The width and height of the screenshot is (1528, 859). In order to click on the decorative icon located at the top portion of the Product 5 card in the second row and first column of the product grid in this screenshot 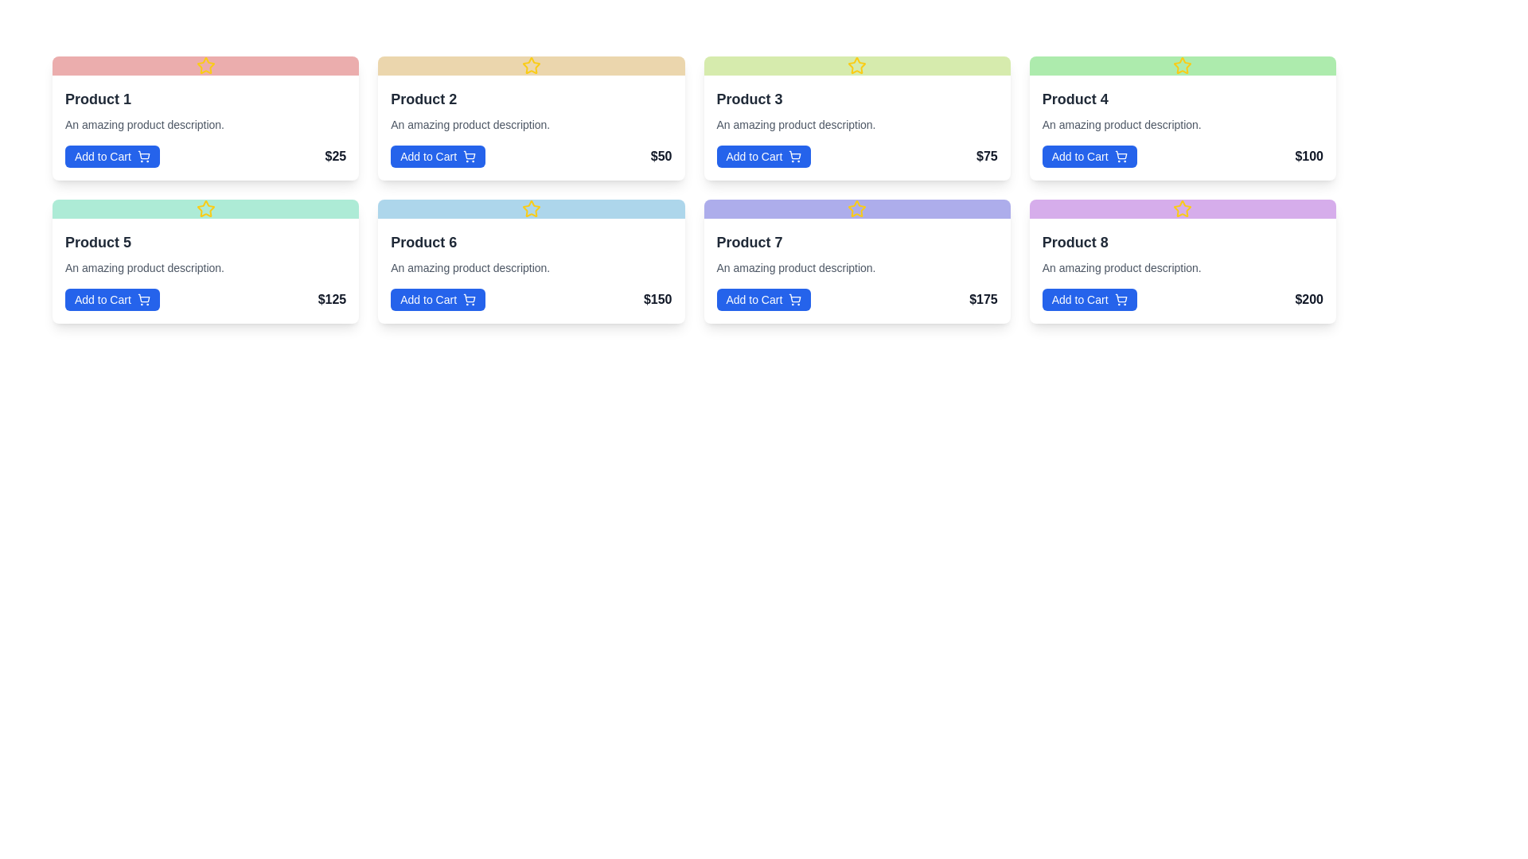, I will do `click(205, 208)`.